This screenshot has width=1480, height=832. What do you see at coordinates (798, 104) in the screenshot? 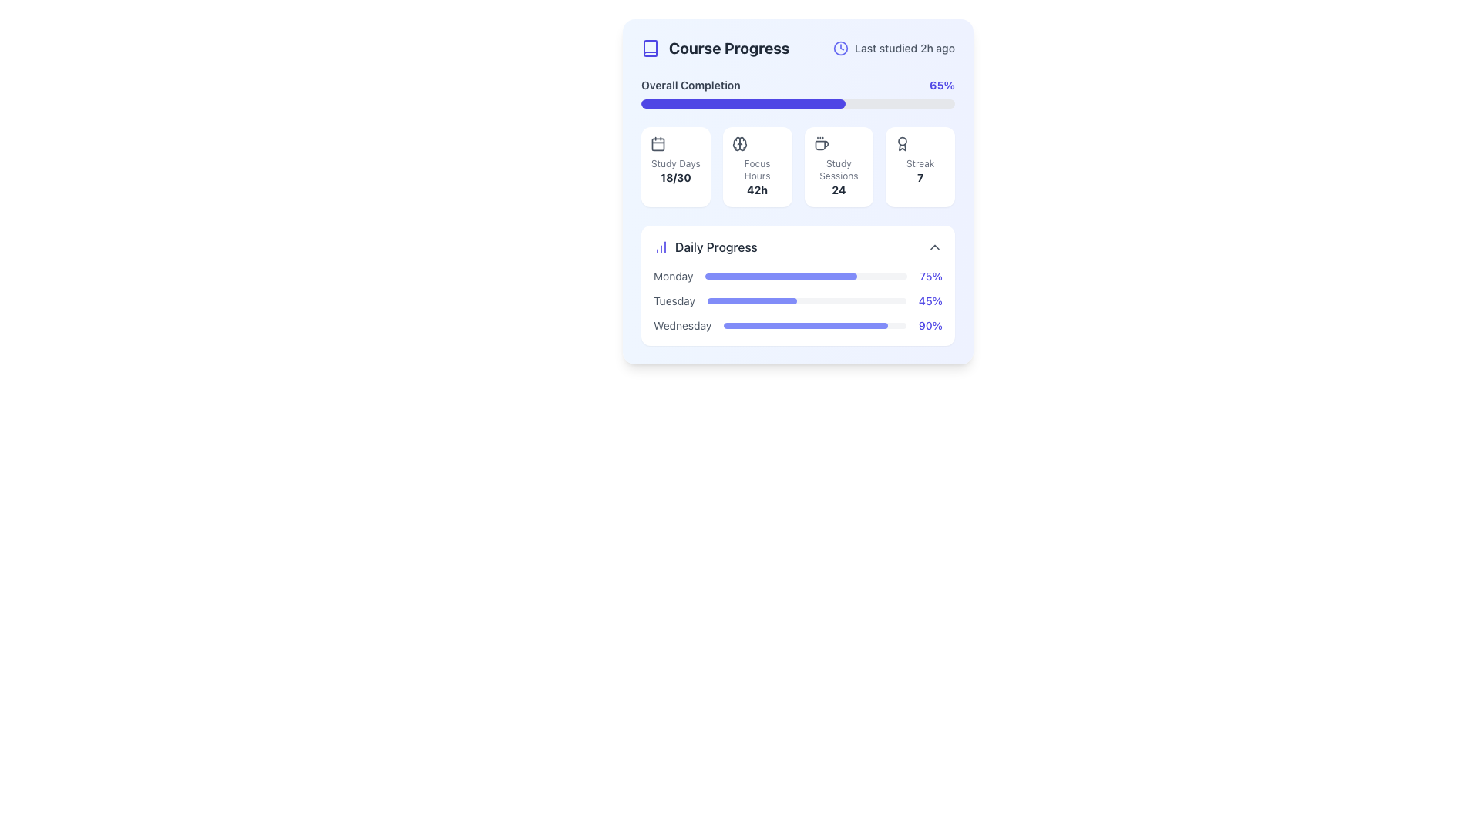
I see `the progress bar that is styled as a horizontal line with a gray background and a filled blue segment, located below the 'Overall Completion' title and '65%' text within the 'Course Progress' box` at bounding box center [798, 104].